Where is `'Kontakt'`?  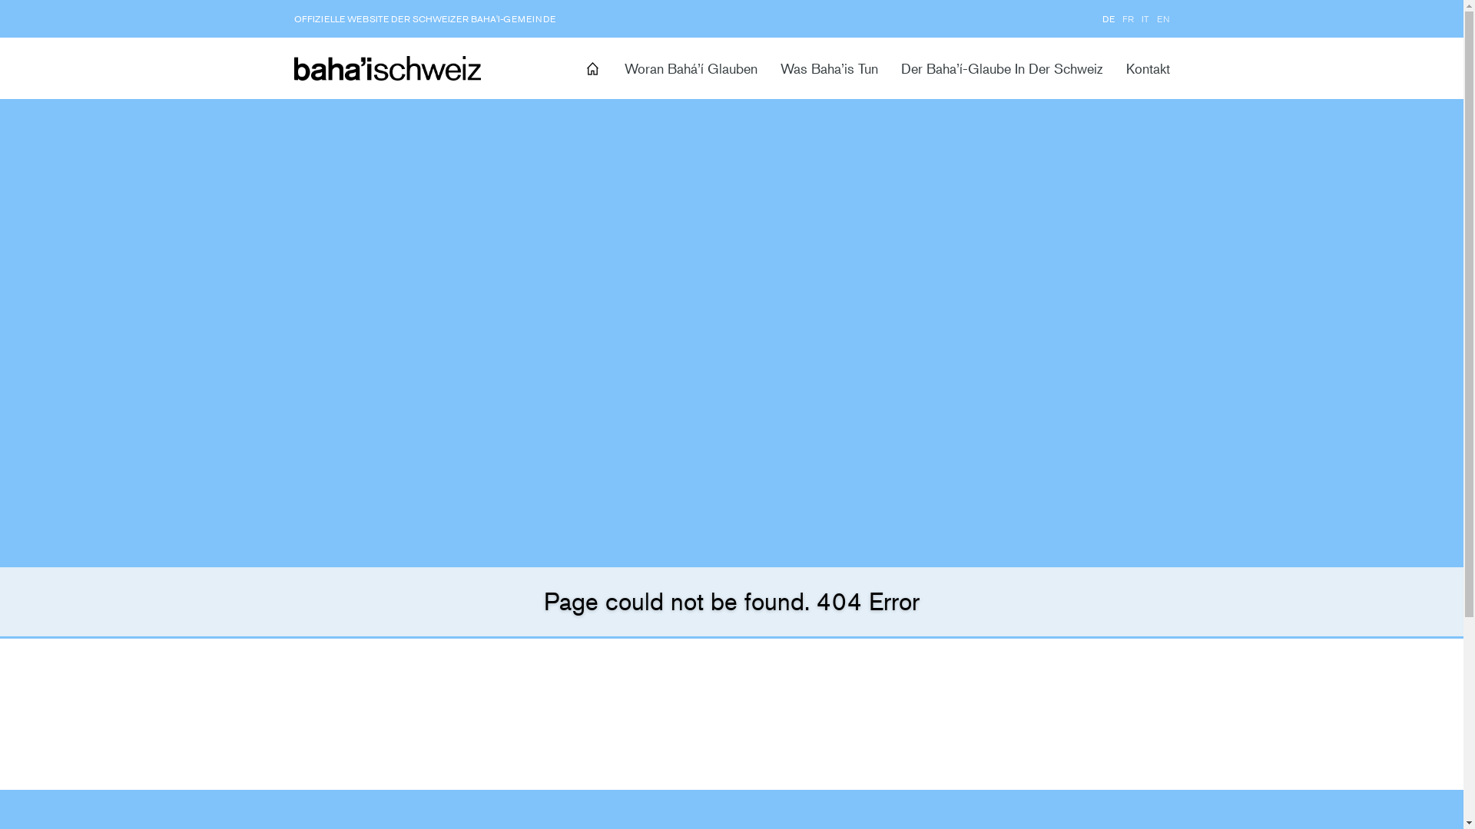
'Kontakt' is located at coordinates (1148, 67).